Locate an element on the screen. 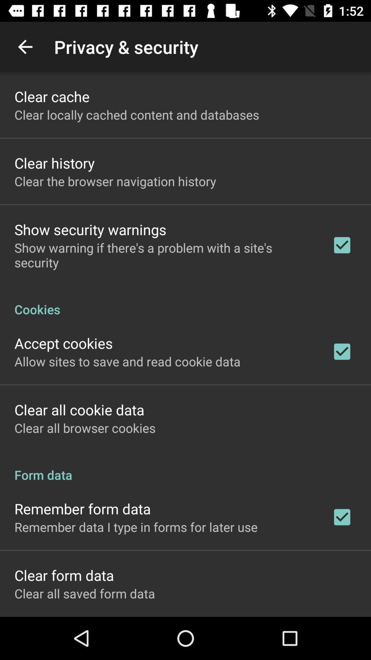 Image resolution: width=371 pixels, height=660 pixels. app below accept cookies icon is located at coordinates (127, 361).